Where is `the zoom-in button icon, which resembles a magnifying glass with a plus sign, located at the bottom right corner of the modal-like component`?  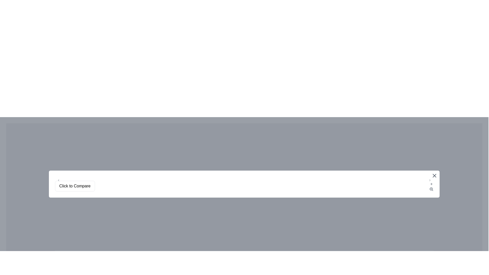
the zoom-in button icon, which resembles a magnifying glass with a plus sign, located at the bottom right corner of the modal-like component is located at coordinates (431, 189).